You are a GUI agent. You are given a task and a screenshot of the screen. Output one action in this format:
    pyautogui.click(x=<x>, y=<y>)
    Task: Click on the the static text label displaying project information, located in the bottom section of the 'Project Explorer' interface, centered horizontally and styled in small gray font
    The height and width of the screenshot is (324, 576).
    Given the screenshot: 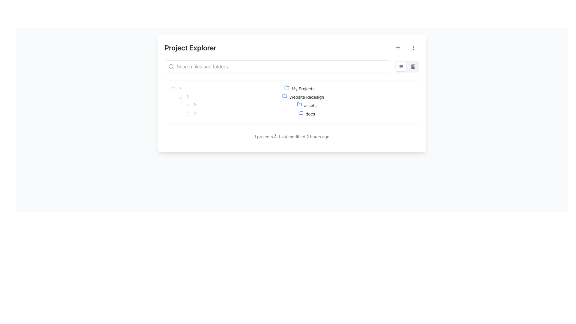 What is the action you would take?
    pyautogui.click(x=292, y=136)
    